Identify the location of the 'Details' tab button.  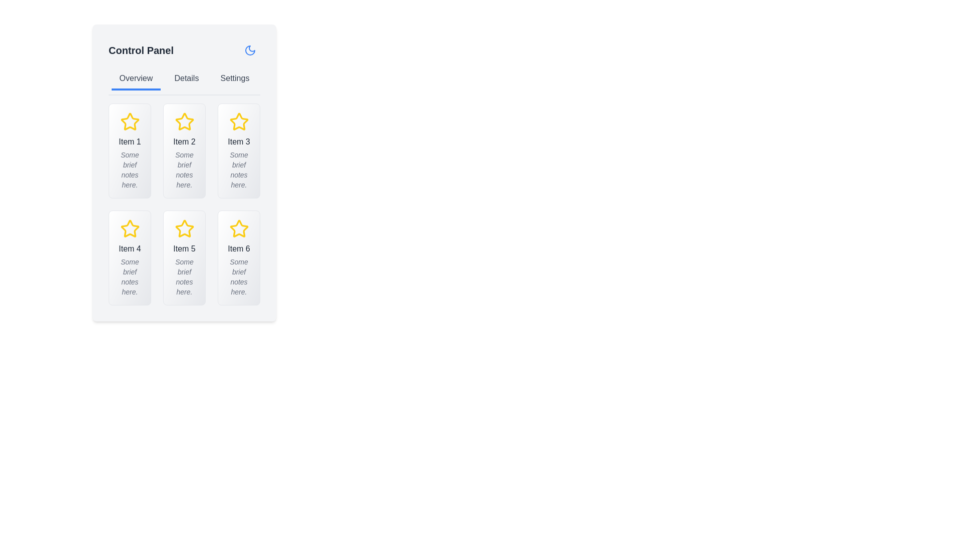
(186, 78).